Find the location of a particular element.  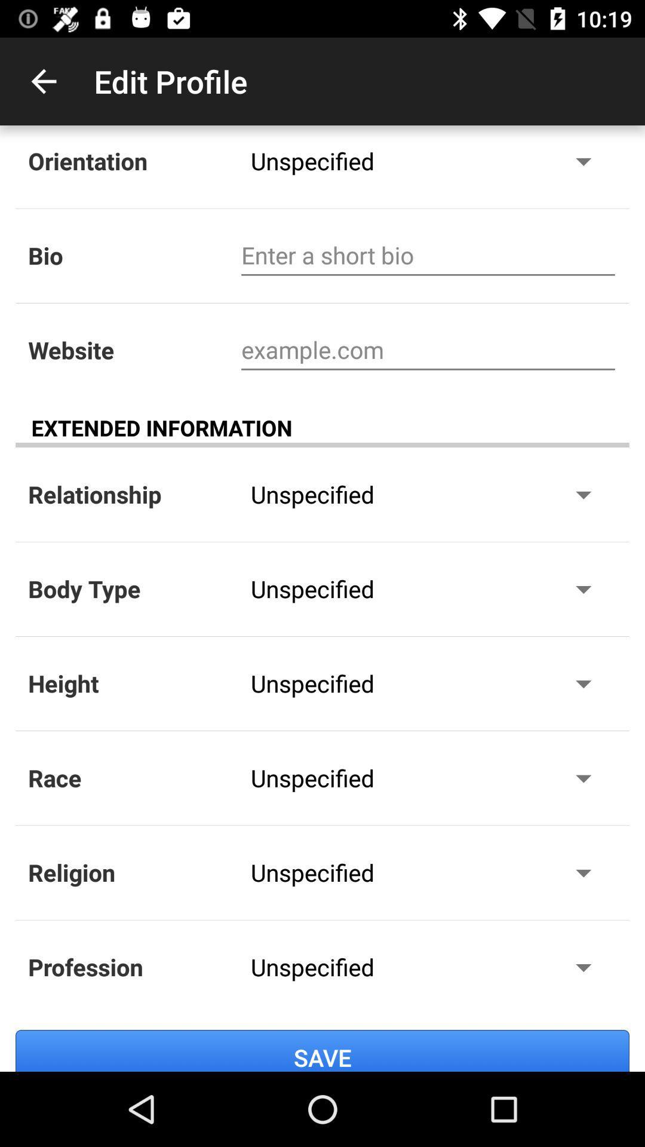

a short bio is located at coordinates (428, 255).